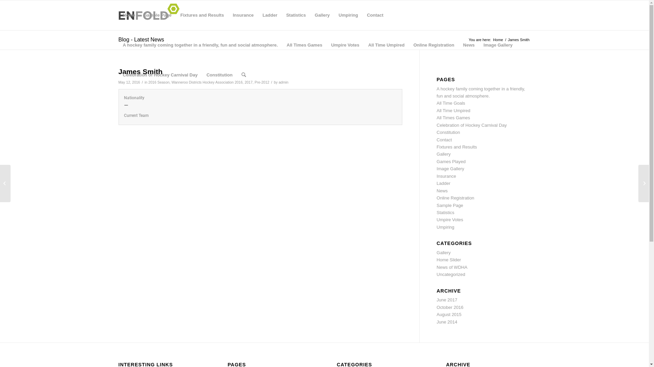 Image resolution: width=654 pixels, height=367 pixels. What do you see at coordinates (219, 75) in the screenshot?
I see `'Constitution'` at bounding box center [219, 75].